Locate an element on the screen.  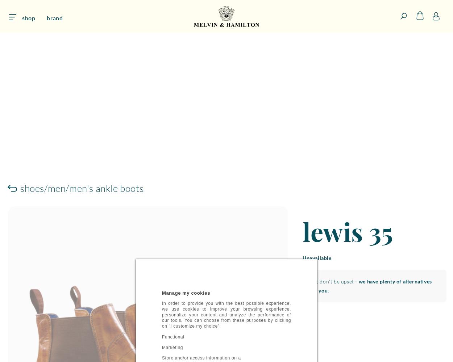
'Men' is located at coordinates (57, 188).